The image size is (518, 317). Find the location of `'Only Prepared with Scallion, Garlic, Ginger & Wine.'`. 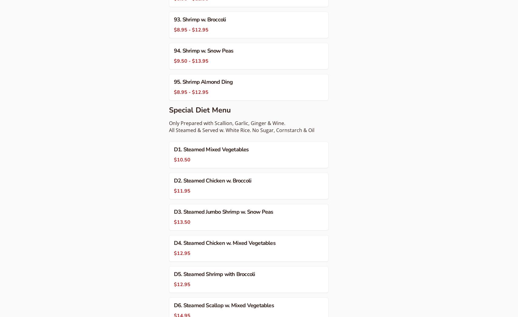

'Only Prepared with Scallion, Garlic, Ginger & Wine.' is located at coordinates (227, 123).